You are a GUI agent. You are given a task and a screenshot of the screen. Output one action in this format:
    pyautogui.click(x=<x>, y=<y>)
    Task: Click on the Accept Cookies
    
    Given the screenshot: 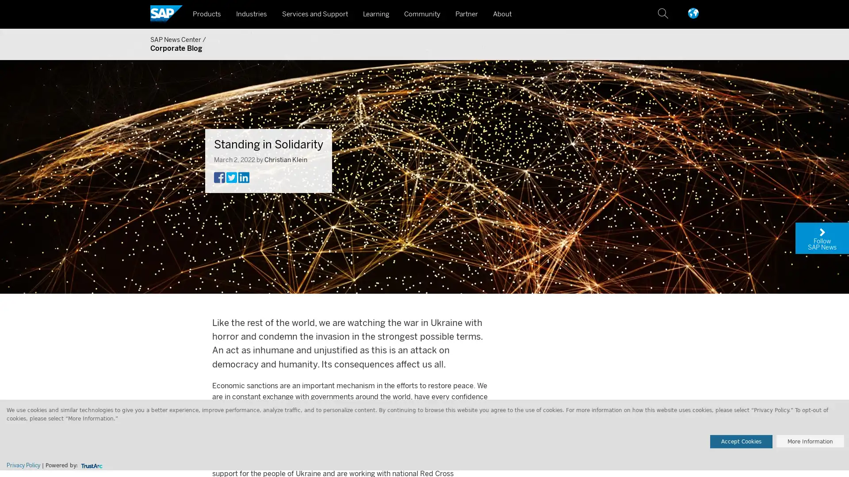 What is the action you would take?
    pyautogui.click(x=741, y=441)
    